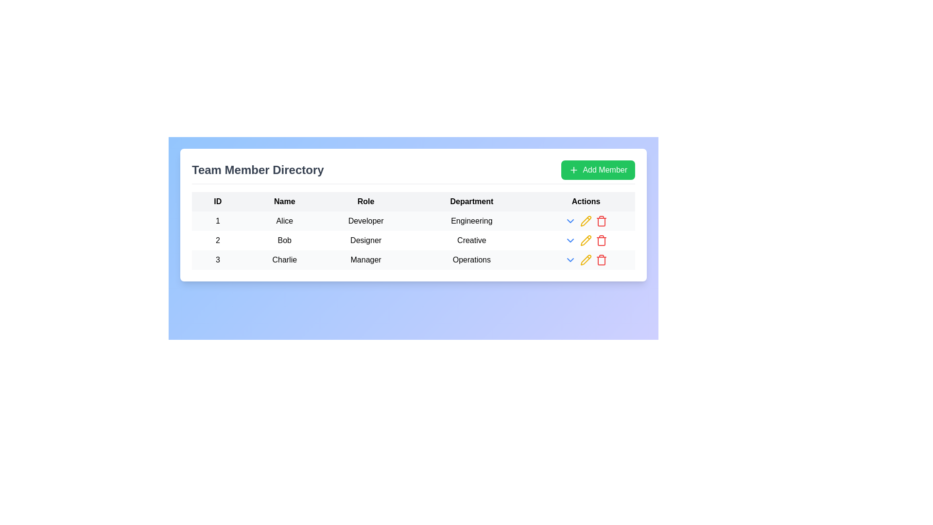  I want to click on the red trash can icon representing the delete action in the 'Actions' column of the table for user 'Alice', so click(601, 221).